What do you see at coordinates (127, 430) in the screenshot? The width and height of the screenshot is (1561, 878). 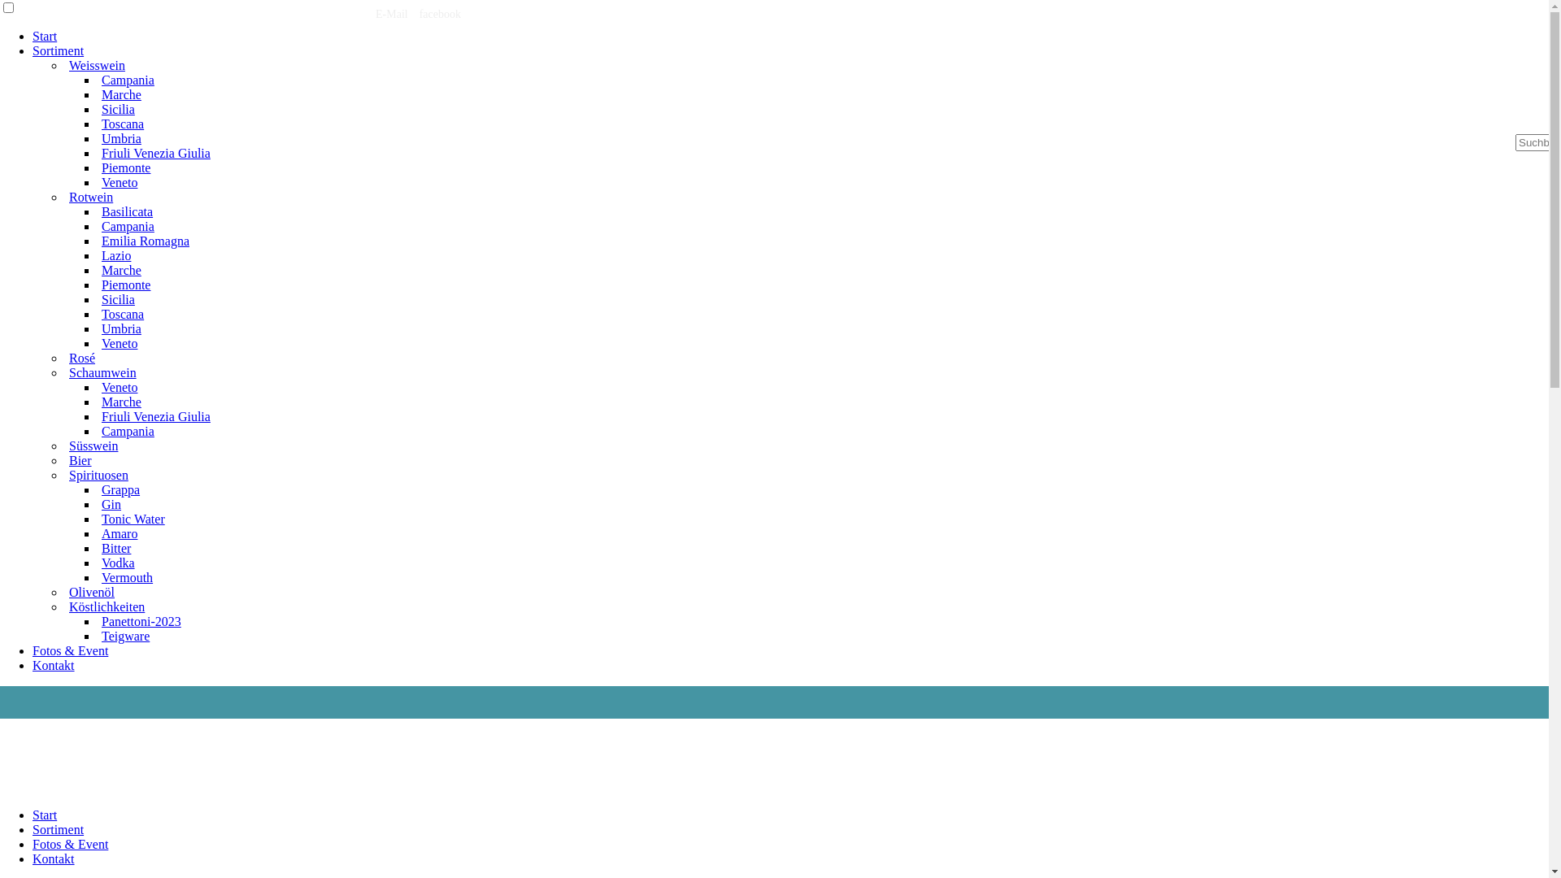 I see `'Campania'` at bounding box center [127, 430].